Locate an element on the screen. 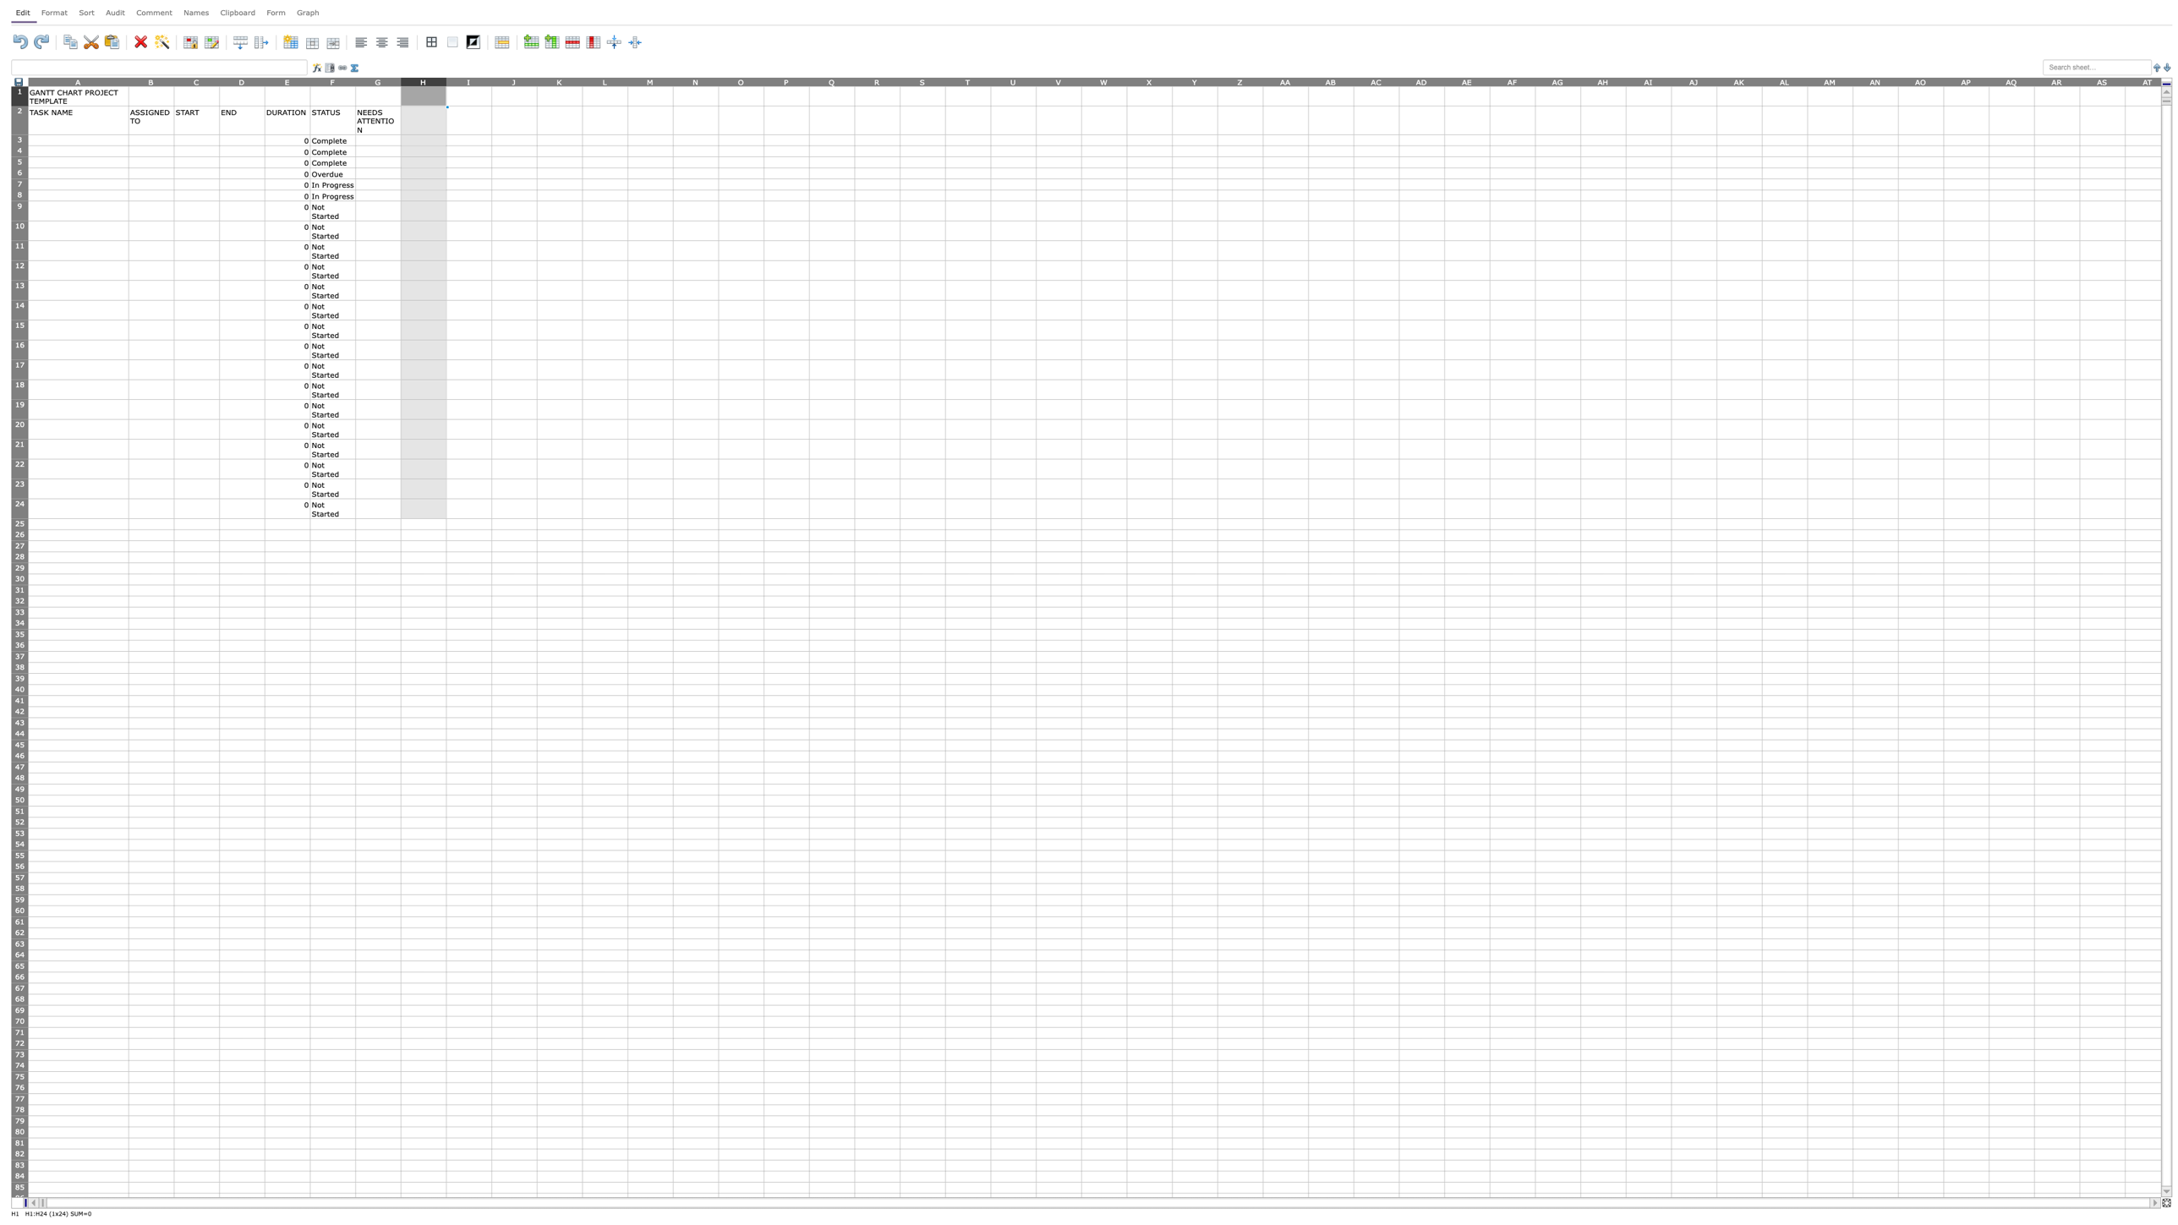  the right edge of column J to resize is located at coordinates (535, 80).